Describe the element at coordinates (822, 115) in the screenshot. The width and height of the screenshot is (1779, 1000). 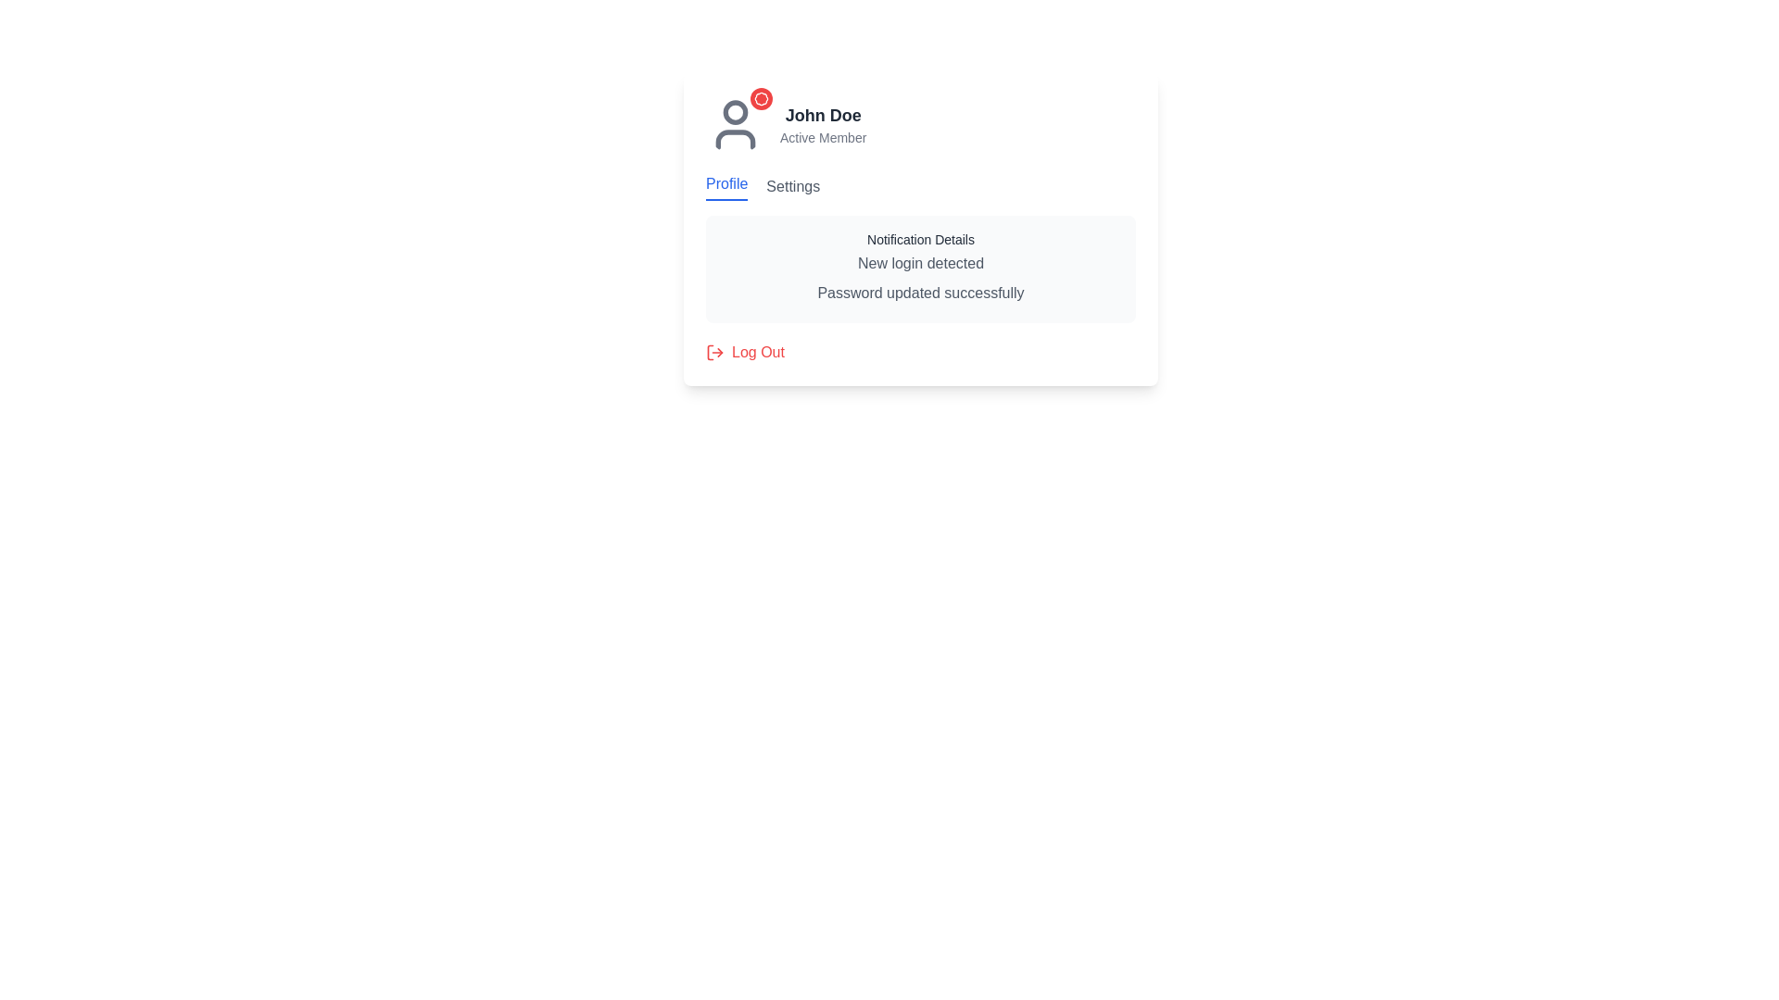
I see `the text element displaying 'John Doe' in bold, which is located above the subtitle 'Active Member' in the user profile card` at that location.